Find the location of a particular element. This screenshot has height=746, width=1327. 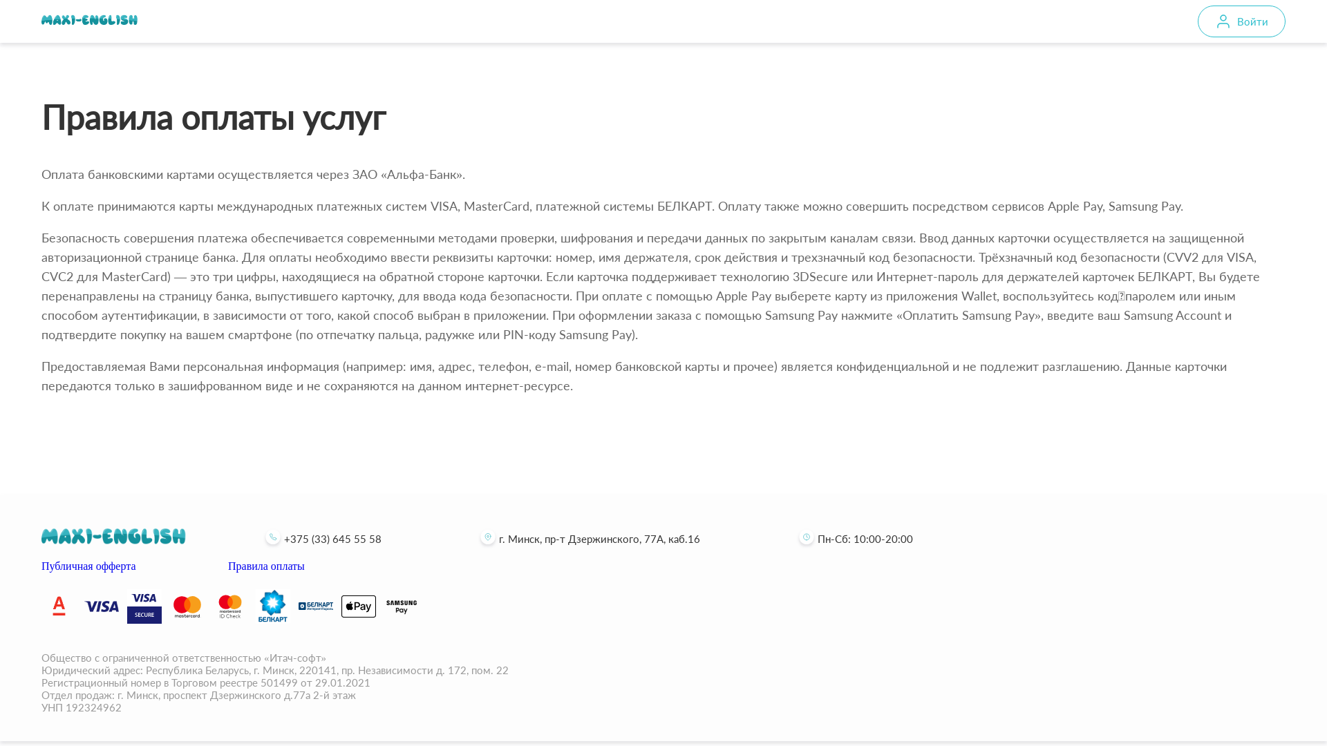

'+375 (33) 645 55 58' is located at coordinates (321, 537).